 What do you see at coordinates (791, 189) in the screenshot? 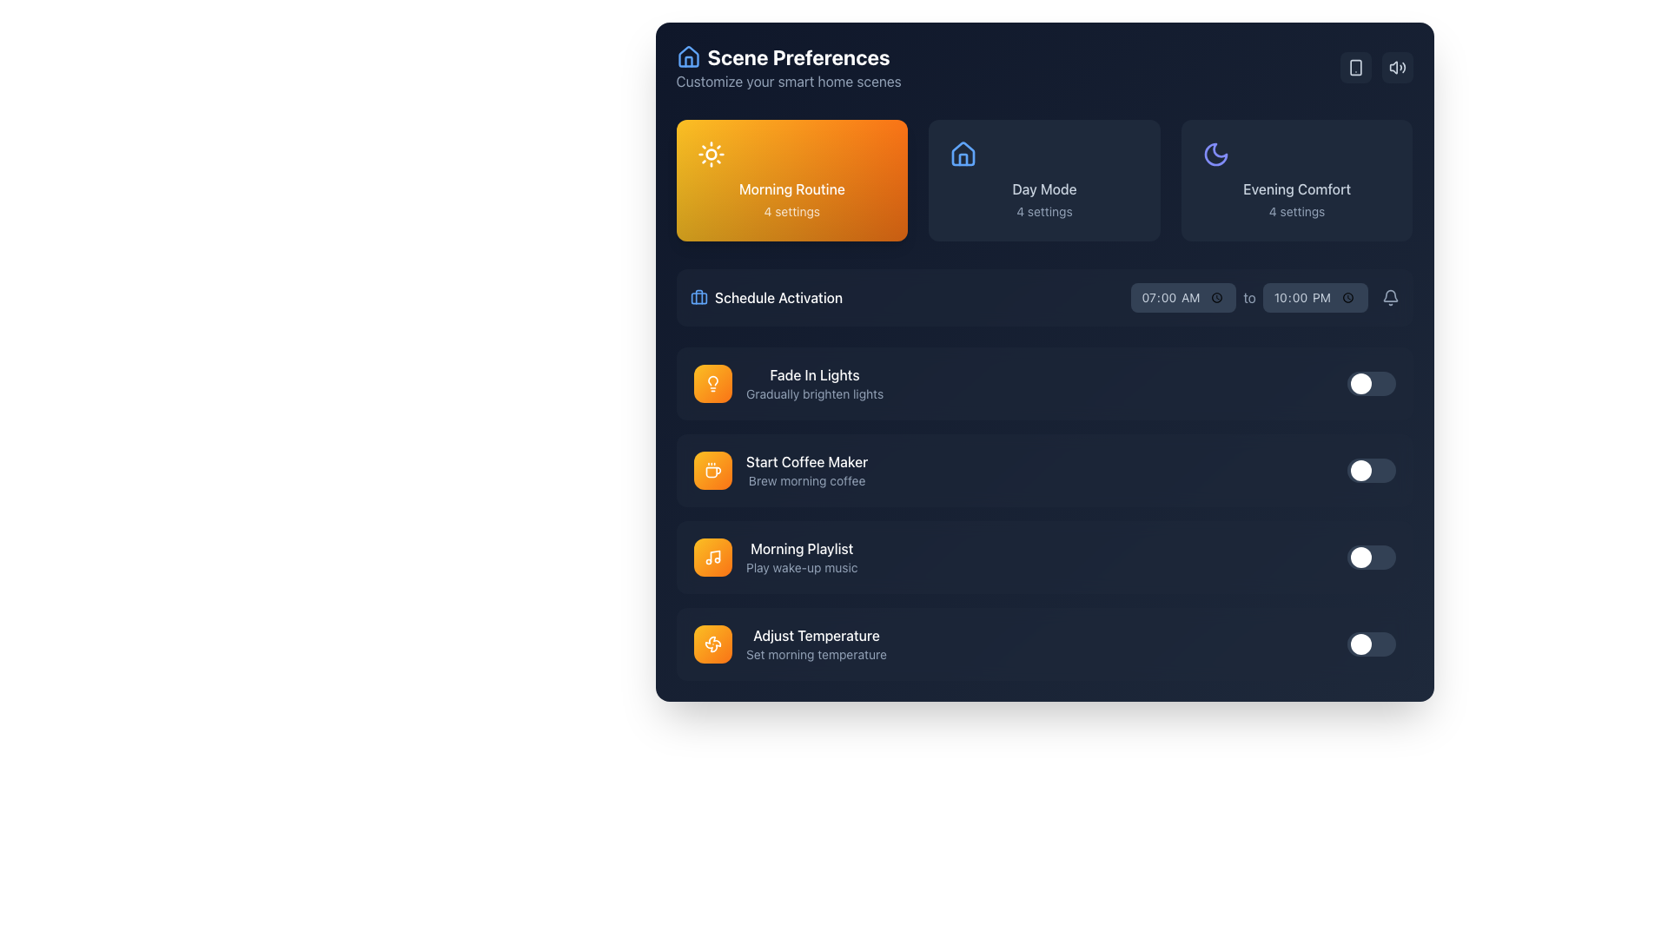
I see `the 'Morning Routine' text label, which is part of the smart home settings interface and located under the 'Scene Preferences' heading, centered horizontally in the leftmost card` at bounding box center [791, 189].